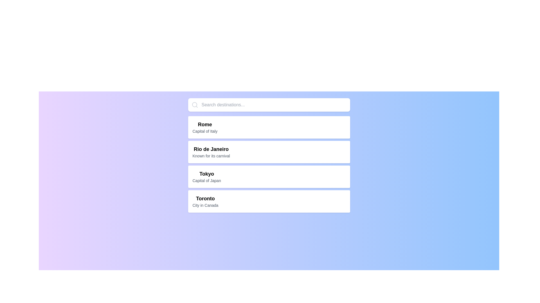 Image resolution: width=540 pixels, height=303 pixels. Describe the element at coordinates (205, 201) in the screenshot. I see `displayed information from the static text component that shows 'Toronto' and 'City in Canada' located in the last card of the vertical list` at that location.